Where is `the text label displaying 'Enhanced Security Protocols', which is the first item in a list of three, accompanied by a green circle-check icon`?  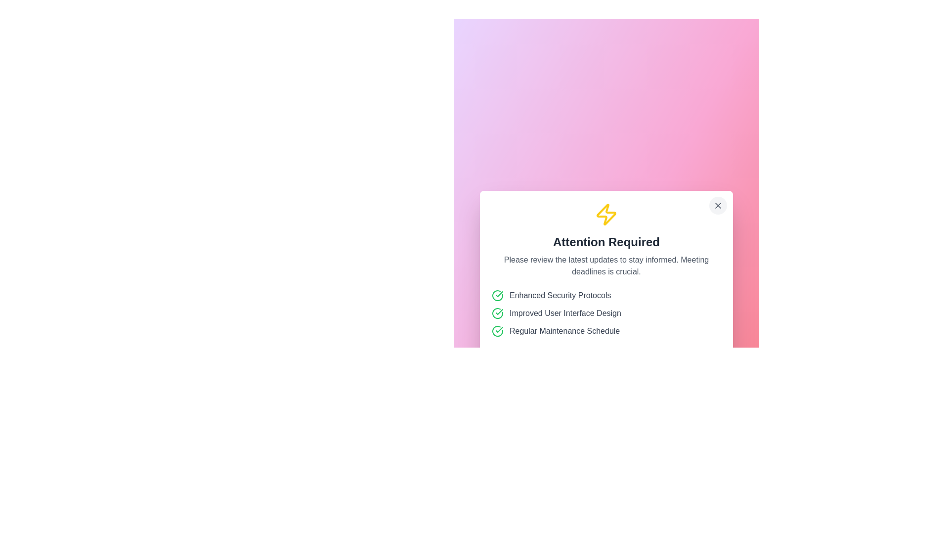 the text label displaying 'Enhanced Security Protocols', which is the first item in a list of three, accompanied by a green circle-check icon is located at coordinates (560, 295).